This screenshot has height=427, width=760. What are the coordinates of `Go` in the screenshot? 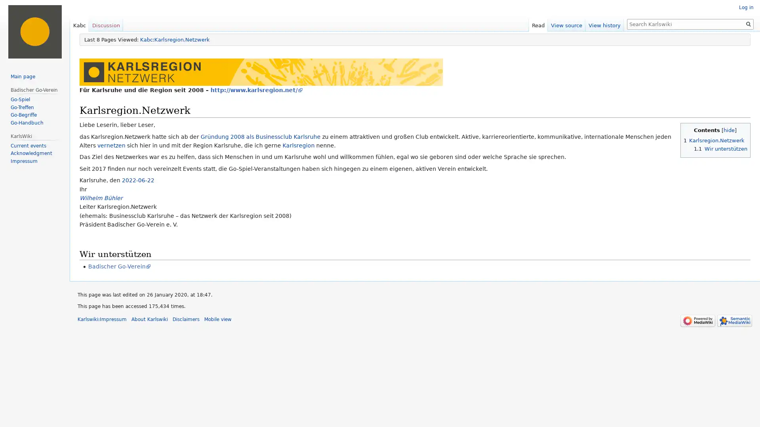 It's located at (748, 24).